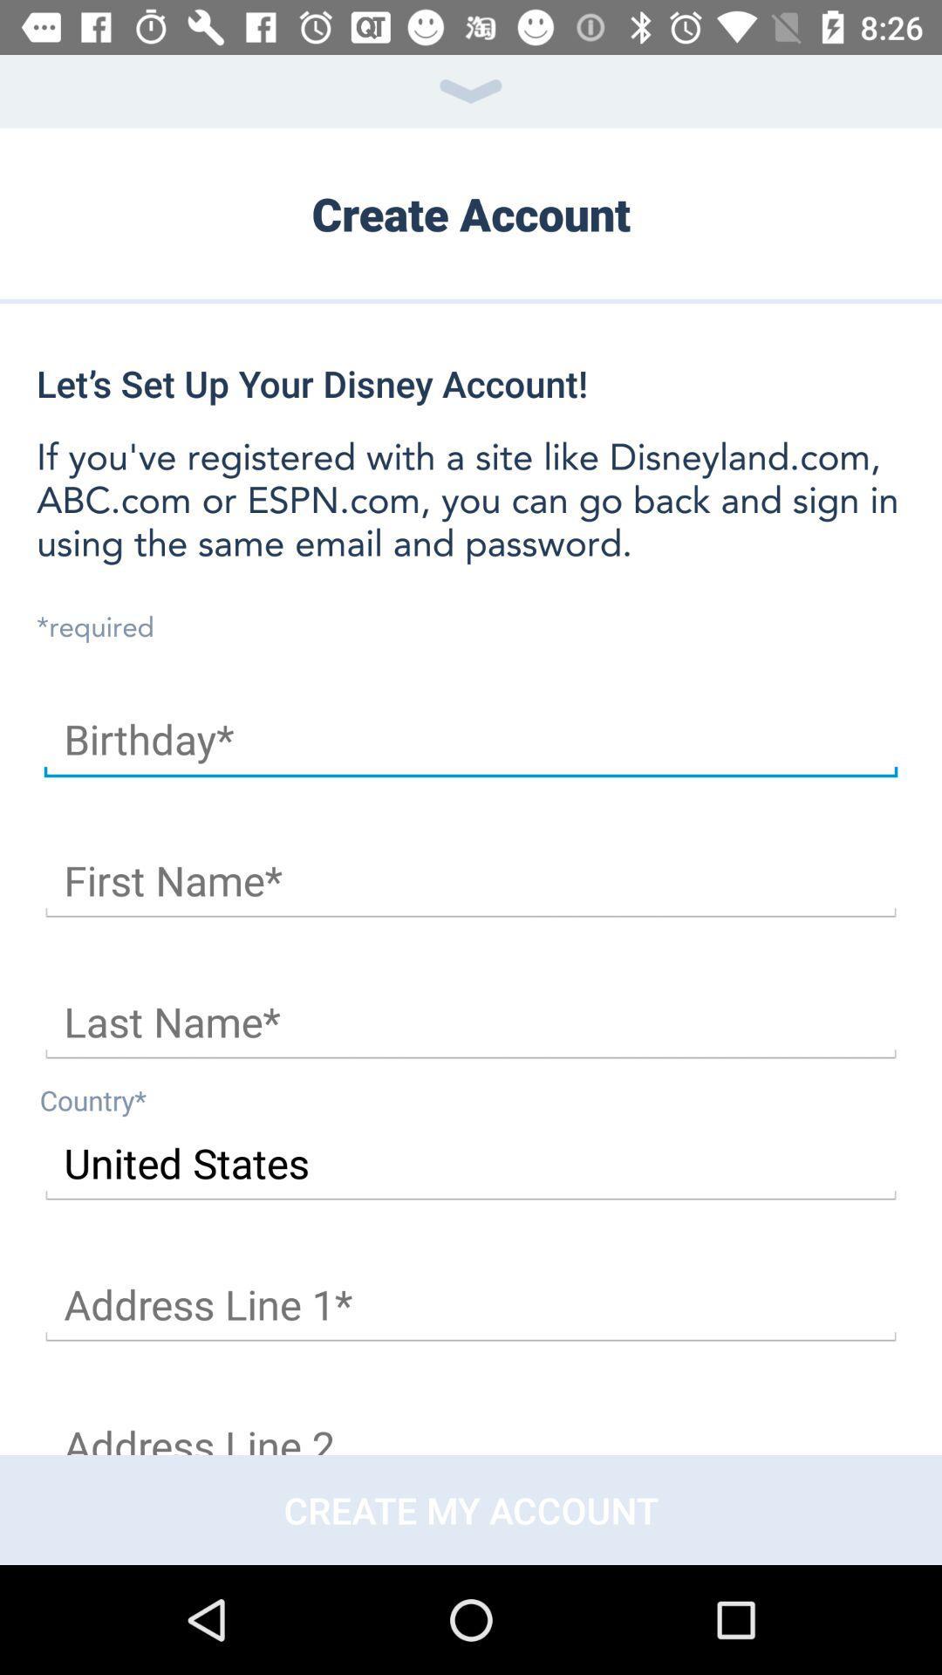  I want to click on address line 1, so click(471, 1305).